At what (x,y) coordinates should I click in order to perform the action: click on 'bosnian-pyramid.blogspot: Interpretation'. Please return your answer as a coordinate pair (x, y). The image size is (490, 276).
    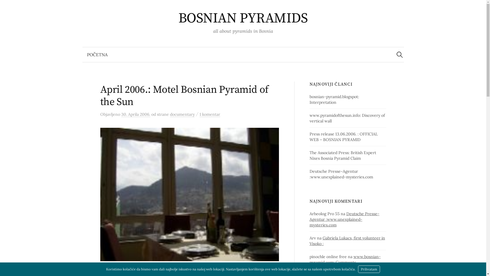
    Looking at the image, I should click on (334, 99).